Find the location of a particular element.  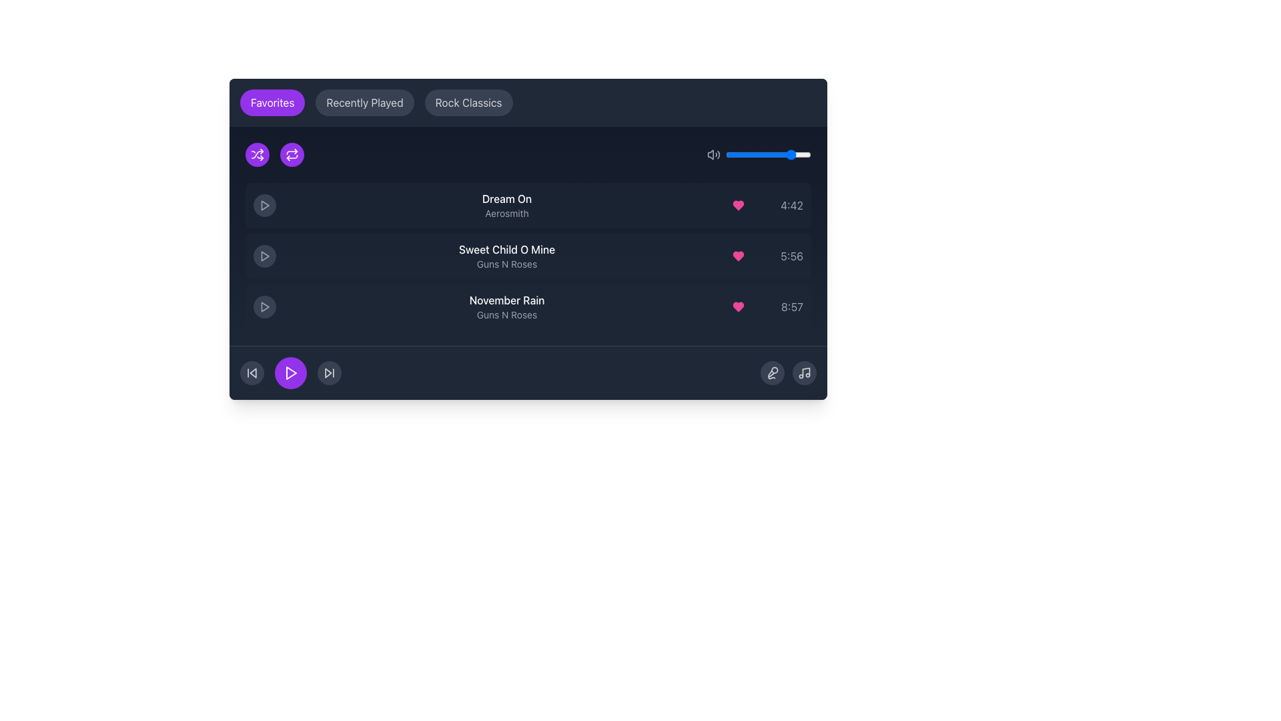

the heart-shaped pink button located in the row for 'November Rain' by 'Guns N Roses', positioned left of the time text '8:57' is located at coordinates (738, 306).